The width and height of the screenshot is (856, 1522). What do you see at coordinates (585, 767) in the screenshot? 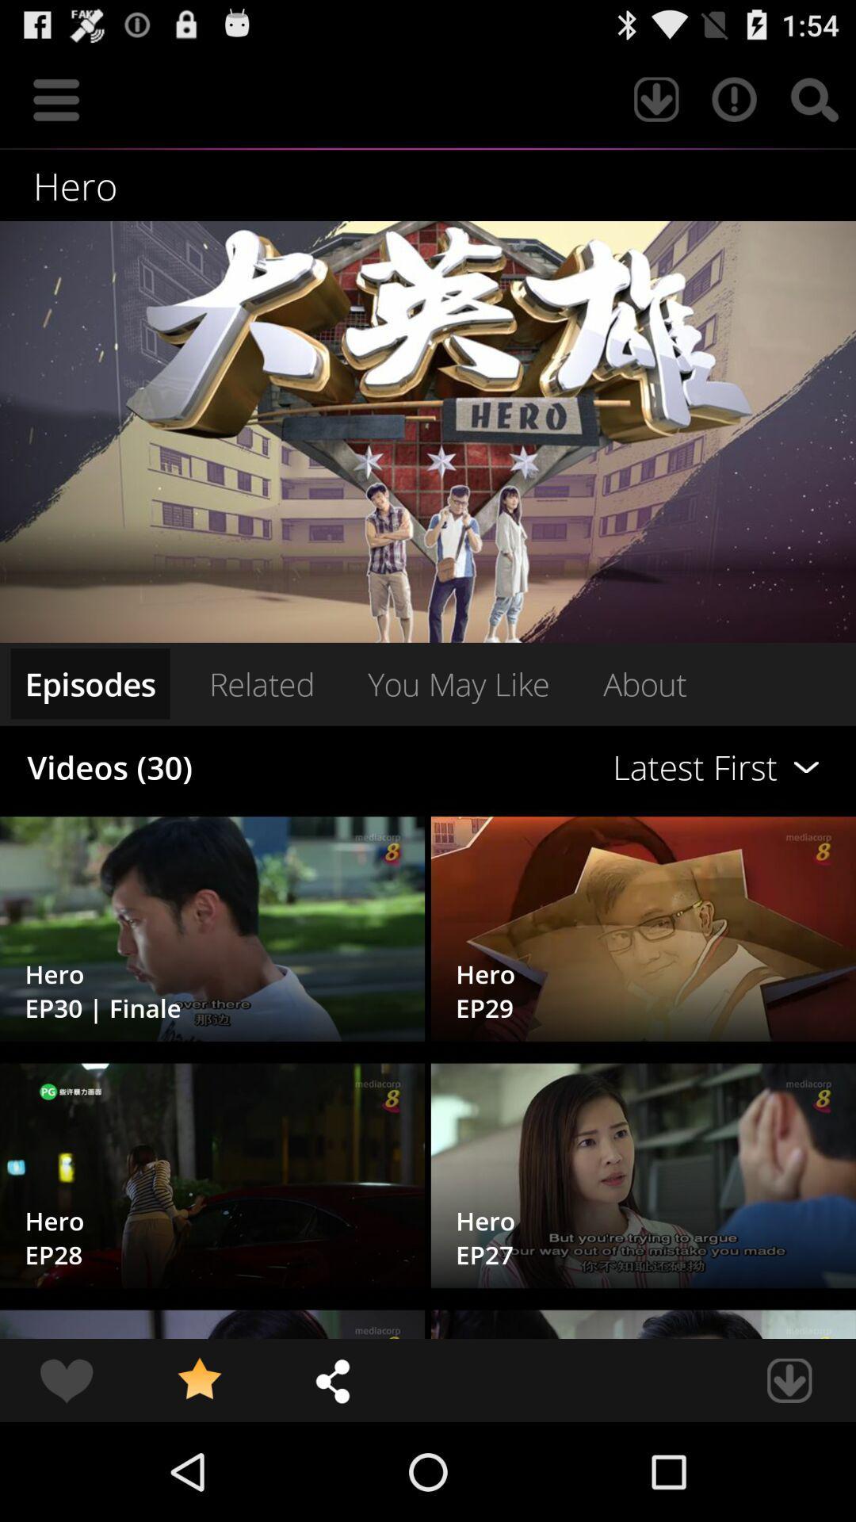
I see `the icon below related item` at bounding box center [585, 767].